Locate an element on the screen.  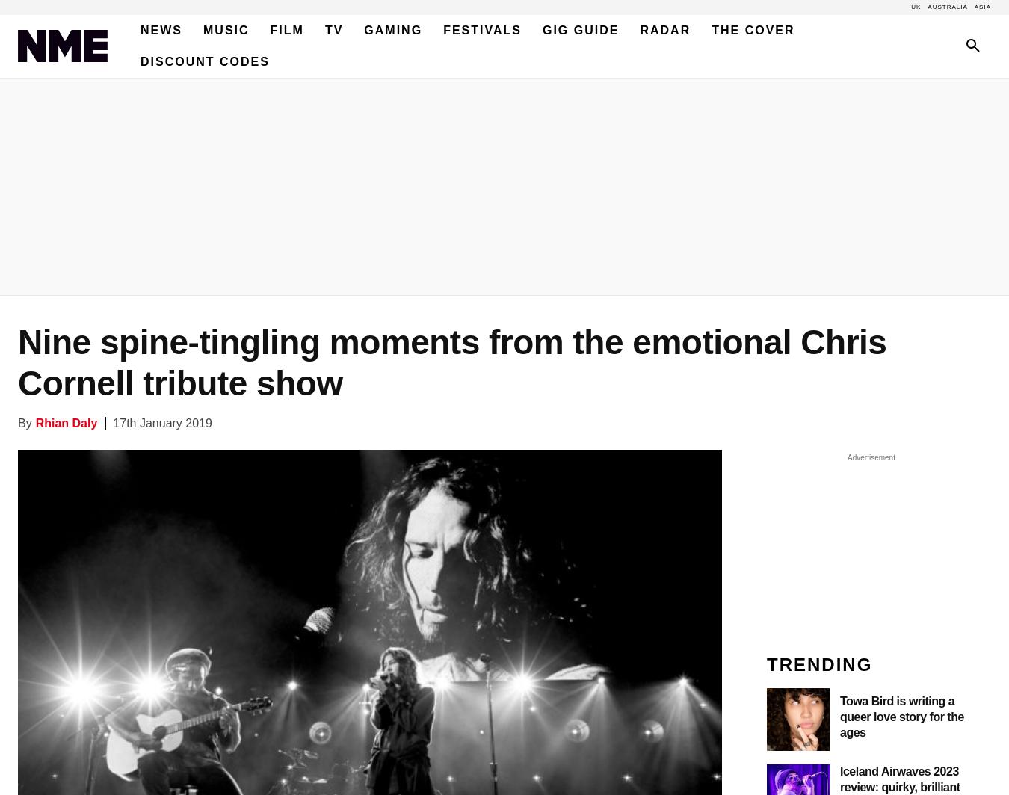
'Gaming' is located at coordinates (392, 30).